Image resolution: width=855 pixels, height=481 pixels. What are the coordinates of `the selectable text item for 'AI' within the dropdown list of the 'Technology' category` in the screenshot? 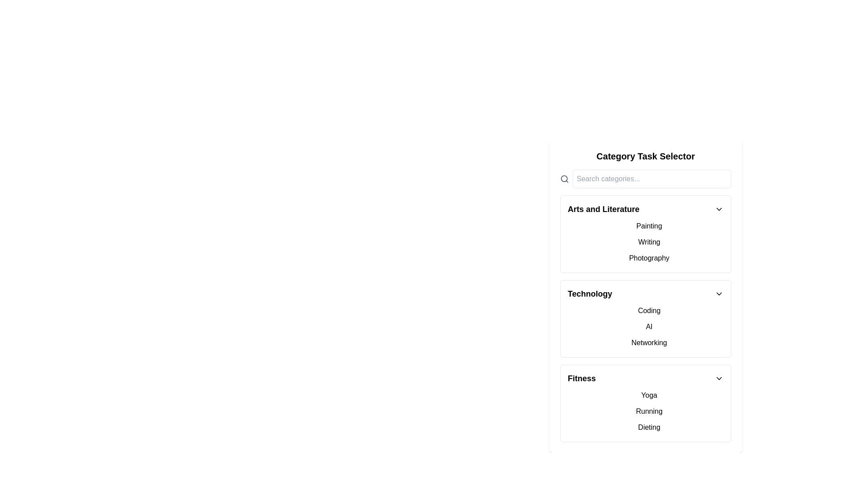 It's located at (645, 326).